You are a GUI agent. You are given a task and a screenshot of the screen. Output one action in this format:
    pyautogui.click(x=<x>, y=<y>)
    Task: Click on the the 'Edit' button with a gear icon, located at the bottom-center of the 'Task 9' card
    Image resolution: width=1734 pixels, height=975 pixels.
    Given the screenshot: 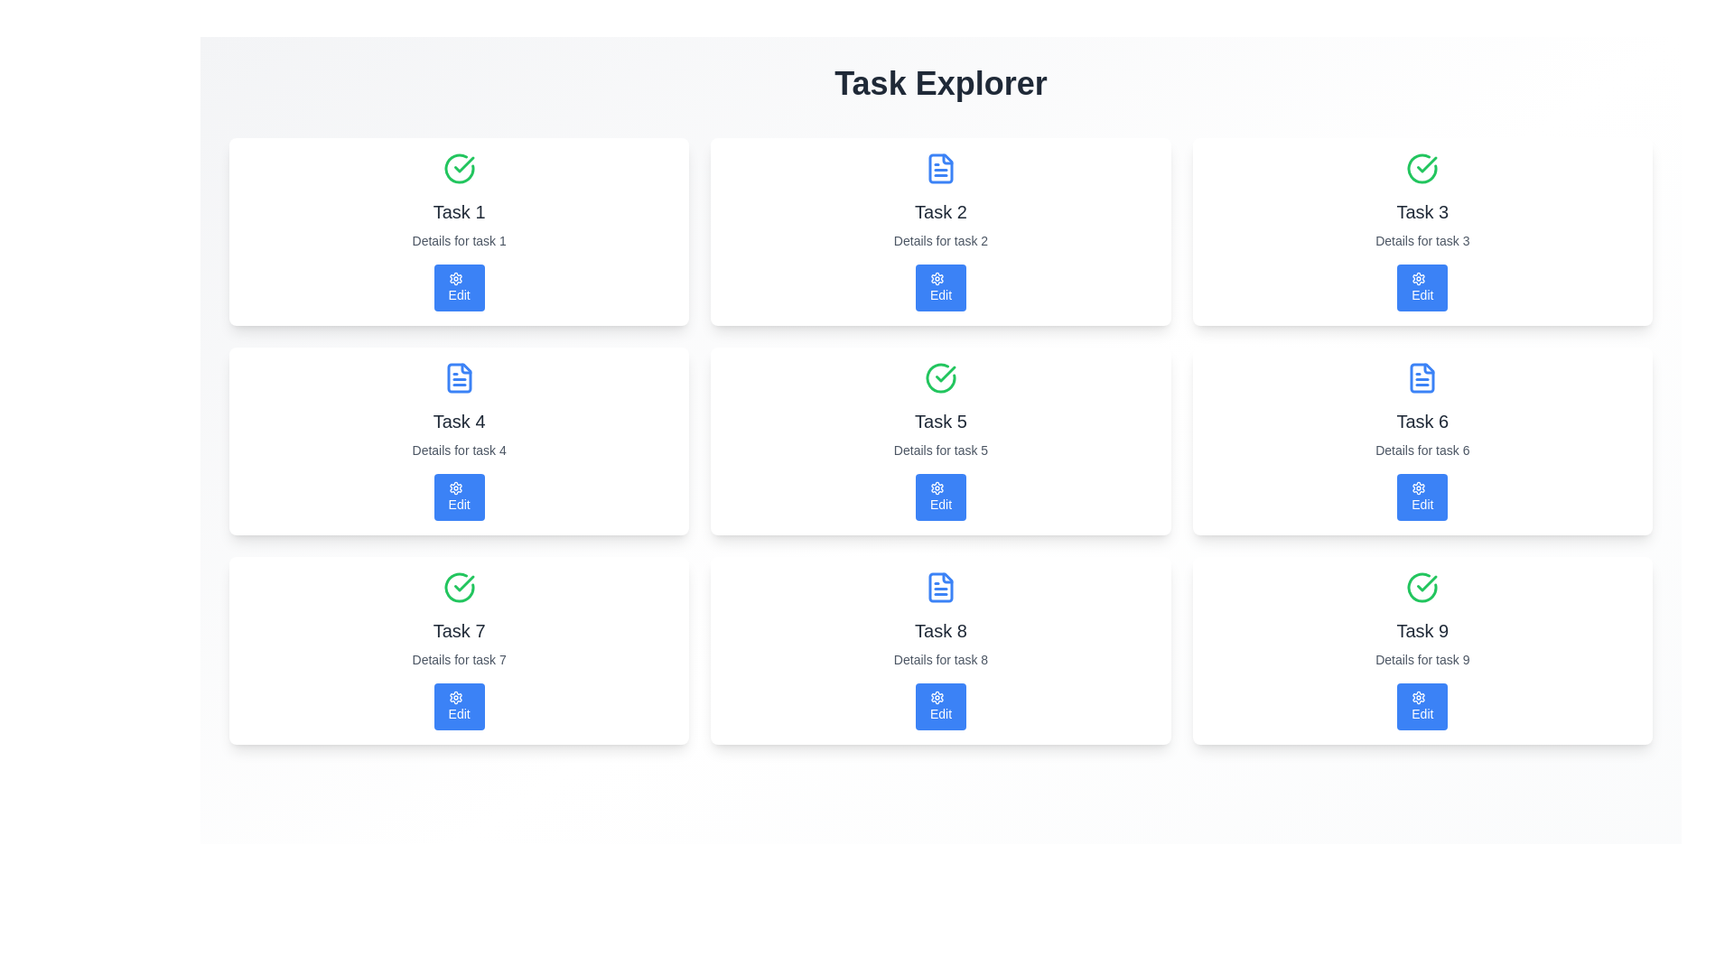 What is the action you would take?
    pyautogui.click(x=1422, y=706)
    